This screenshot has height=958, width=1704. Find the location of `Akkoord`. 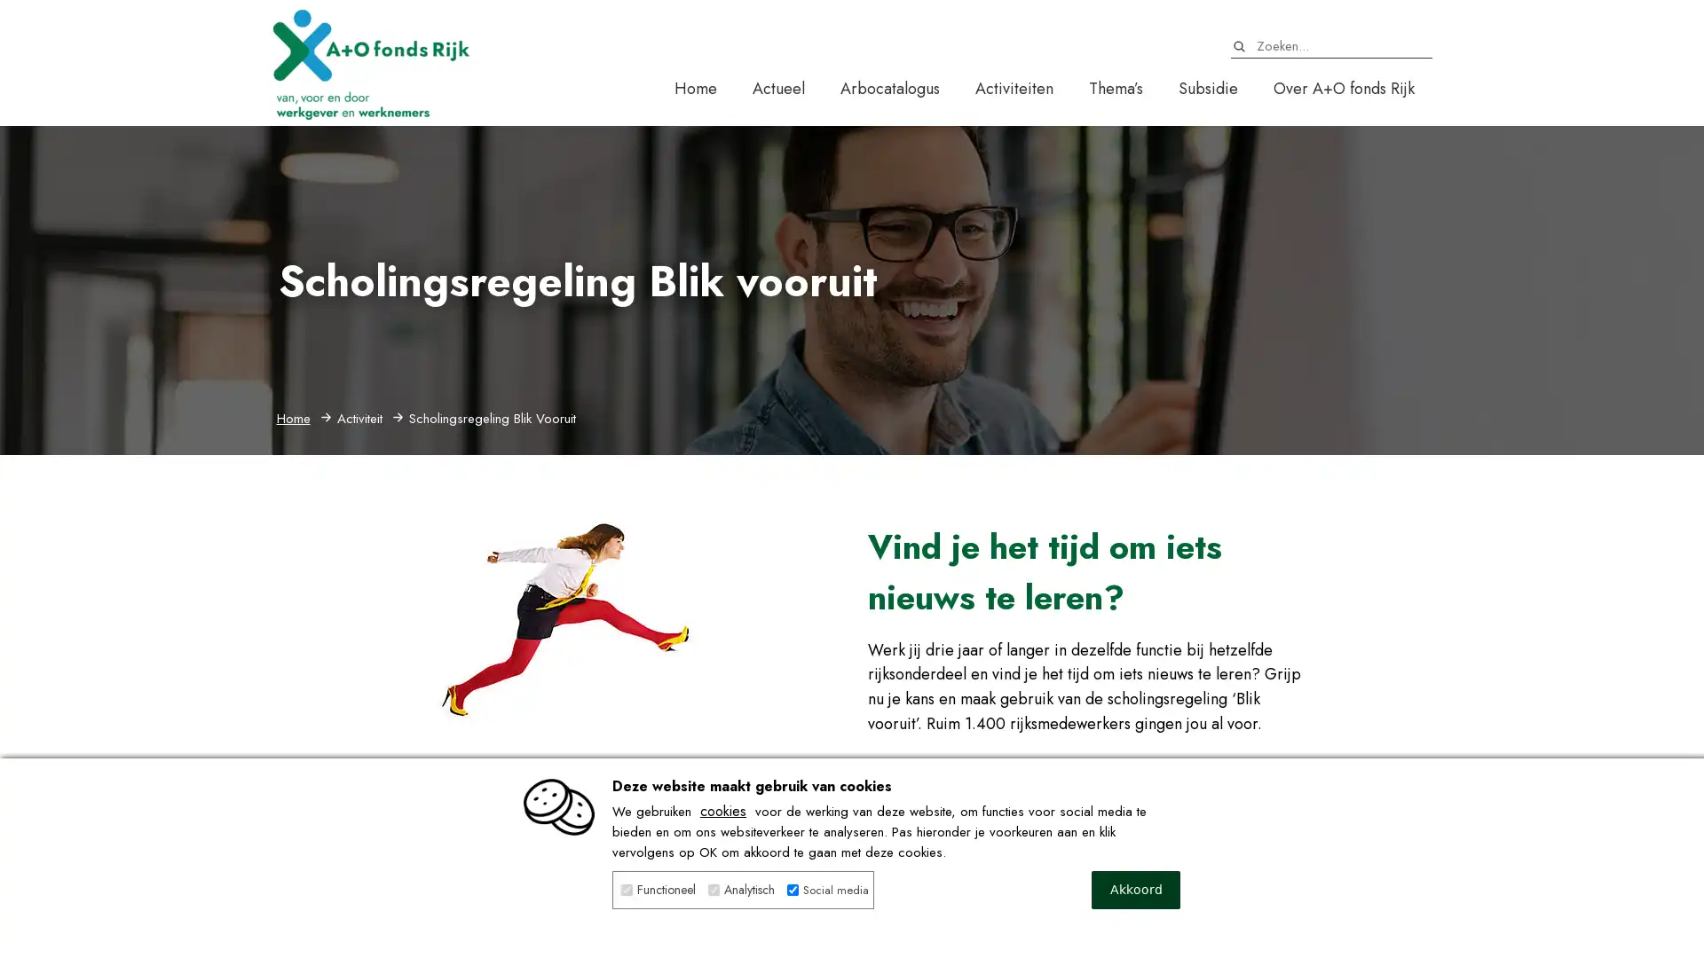

Akkoord is located at coordinates (1136, 890).